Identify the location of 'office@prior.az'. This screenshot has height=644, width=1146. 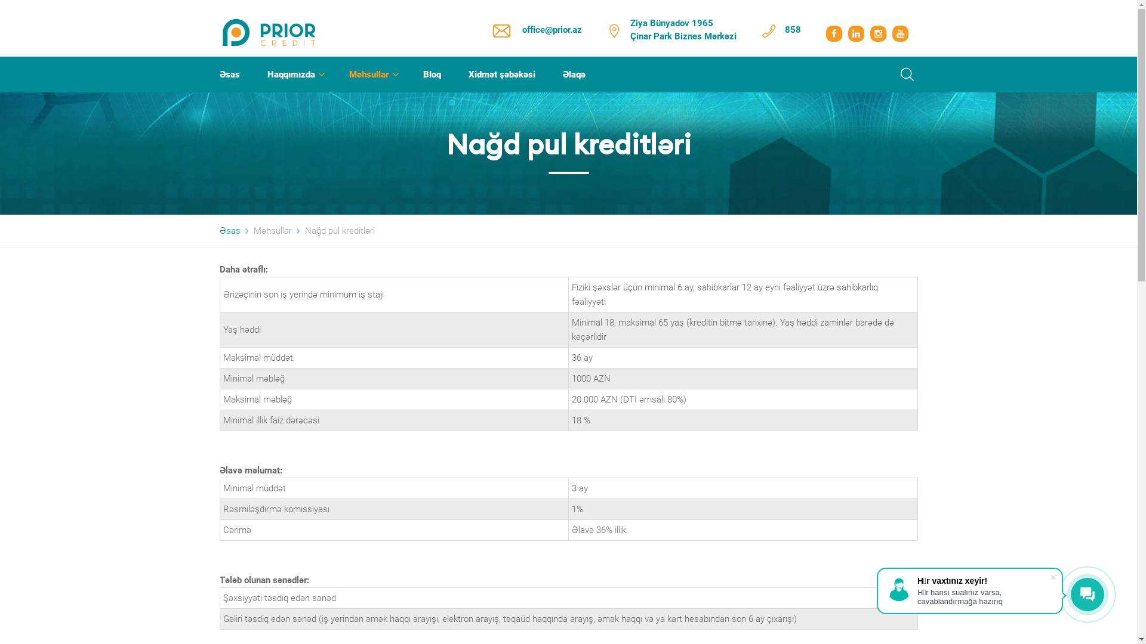
(551, 29).